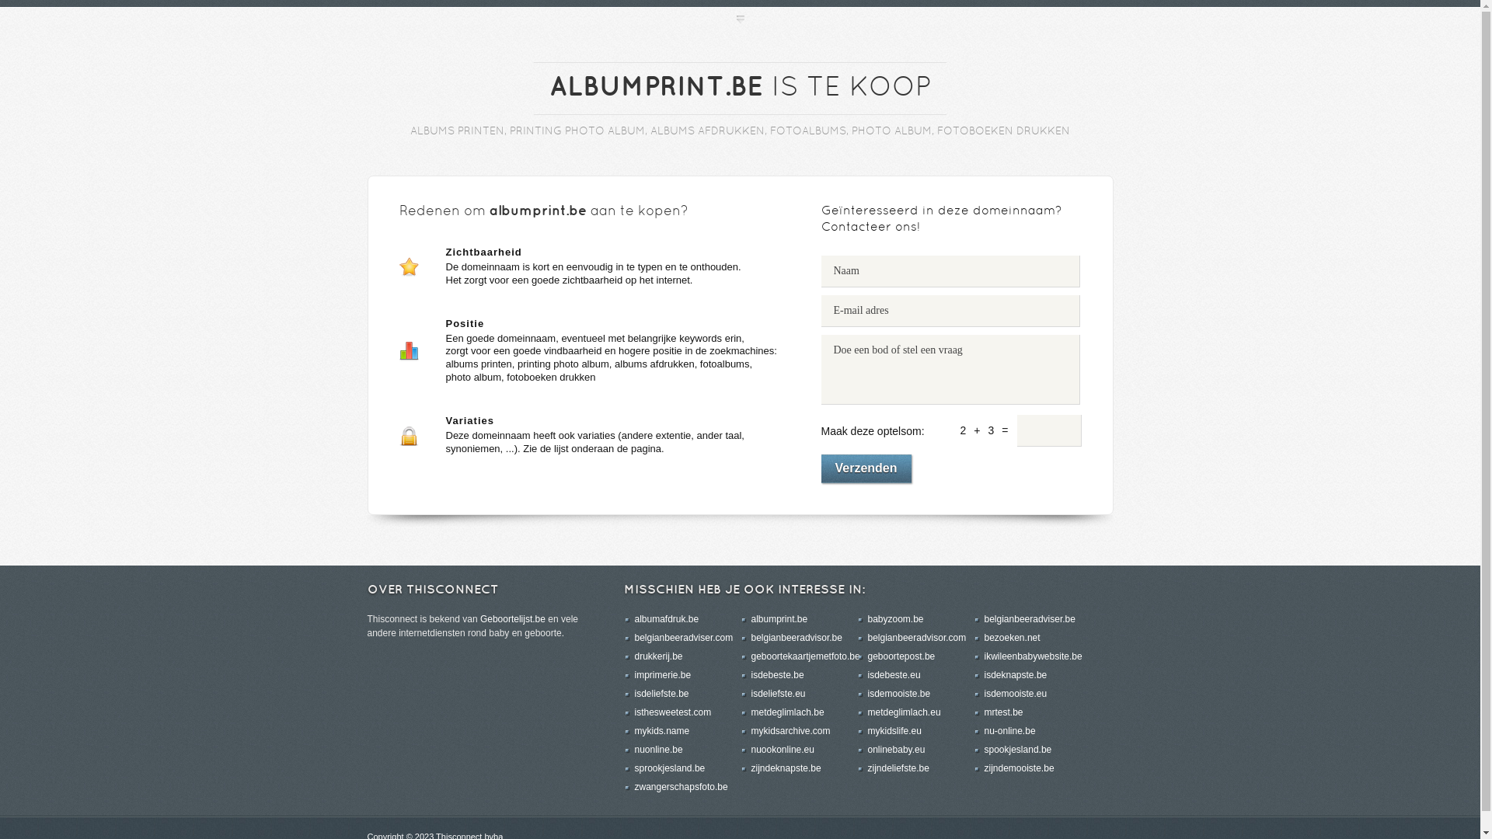 Image resolution: width=1492 pixels, height=839 pixels. Describe the element at coordinates (805, 656) in the screenshot. I see `'geboortekaartjemetfoto.be'` at that location.